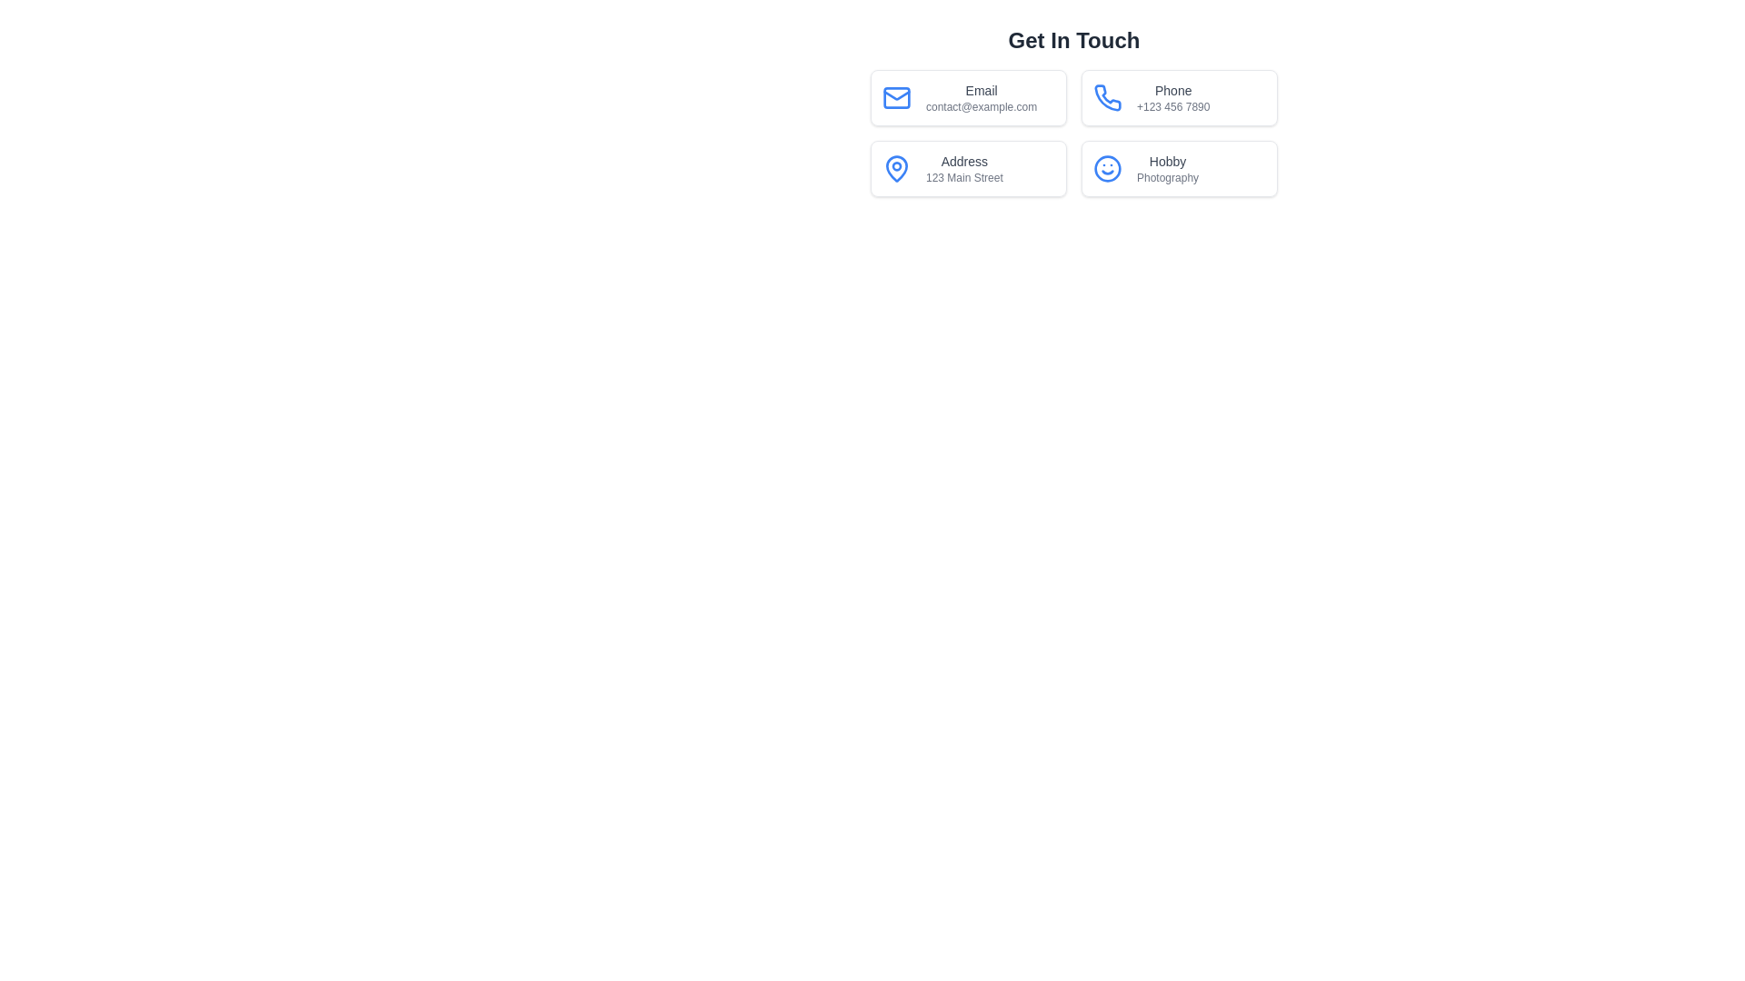 The image size is (1745, 981). What do you see at coordinates (1168, 178) in the screenshot?
I see `the static text label displaying 'Photography', which is a small light gray label positioned below the heading 'Hobby'` at bounding box center [1168, 178].